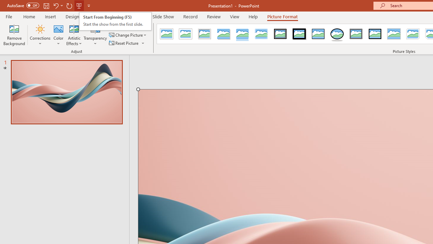 The height and width of the screenshot is (244, 433). I want to click on 'Undo', so click(55, 5).